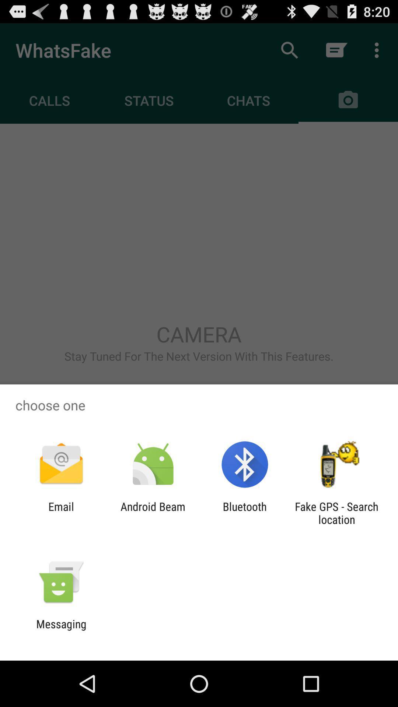 This screenshot has height=707, width=398. Describe the element at coordinates (336, 513) in the screenshot. I see `fake gps search` at that location.